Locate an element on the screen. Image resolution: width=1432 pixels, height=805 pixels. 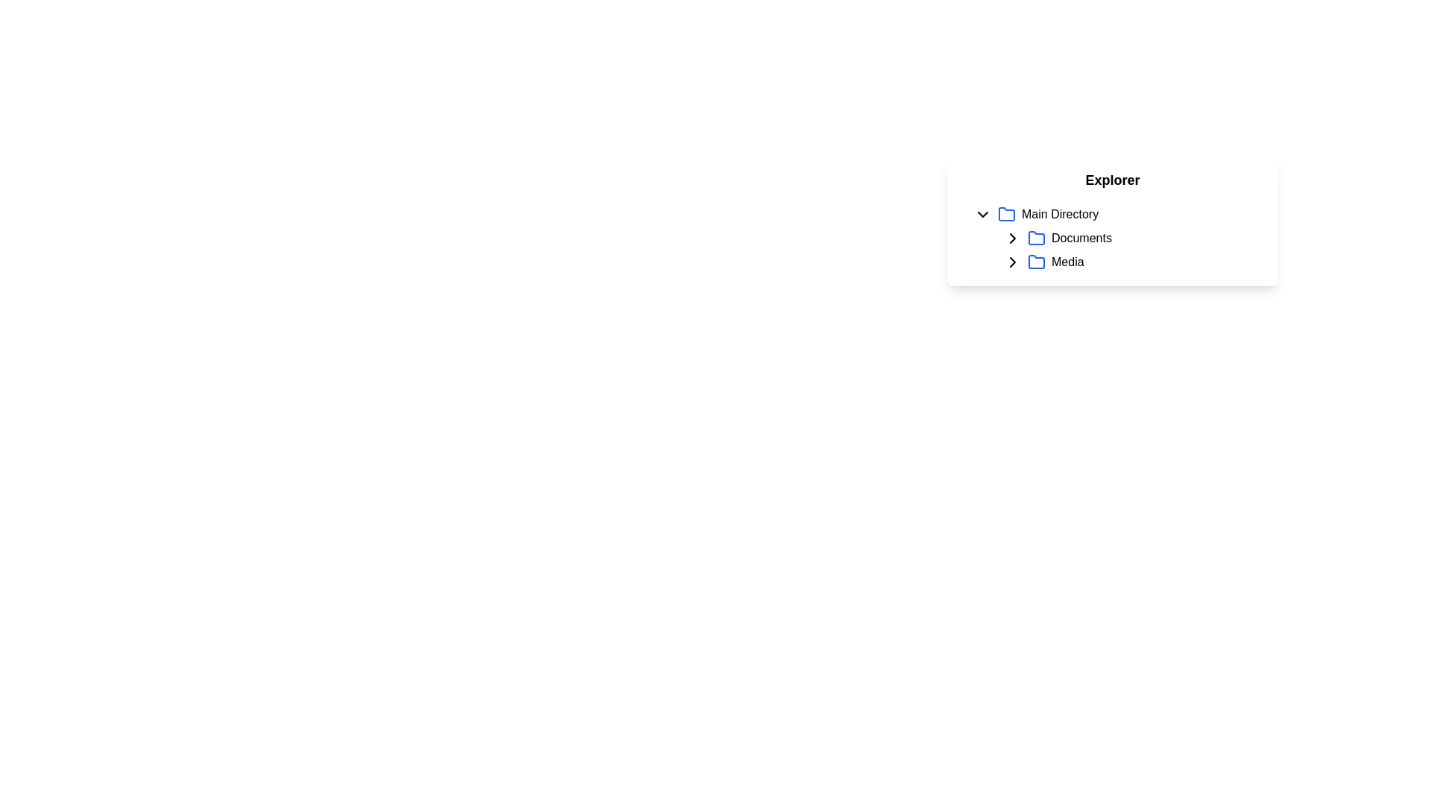
the small right-pointing arrow icon that serves as the expand/collapse indicator for the 'Documents' entry in the Explorer section is located at coordinates (1013, 238).